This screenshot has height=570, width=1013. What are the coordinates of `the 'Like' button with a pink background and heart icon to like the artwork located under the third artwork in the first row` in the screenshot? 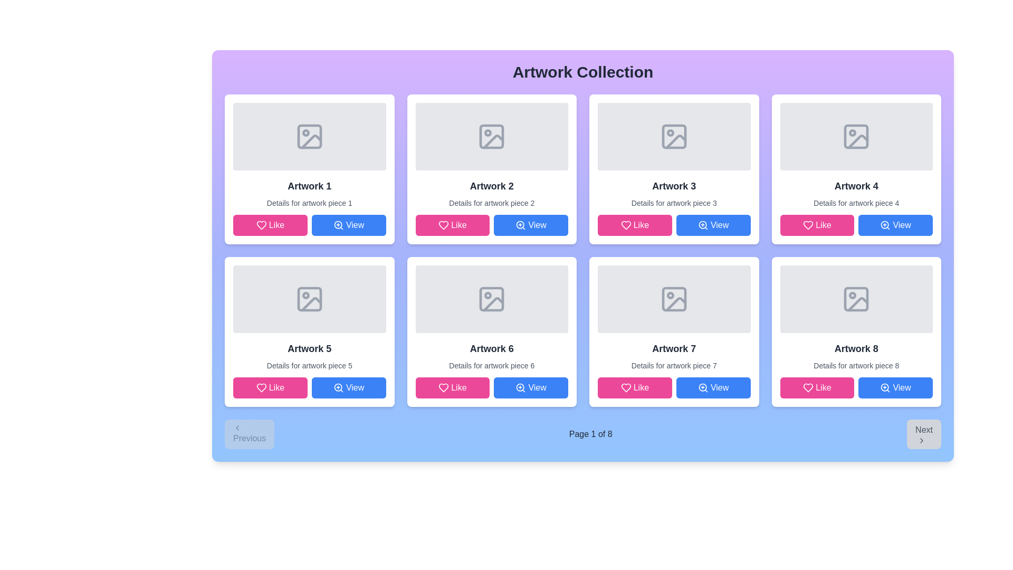 It's located at (634, 225).